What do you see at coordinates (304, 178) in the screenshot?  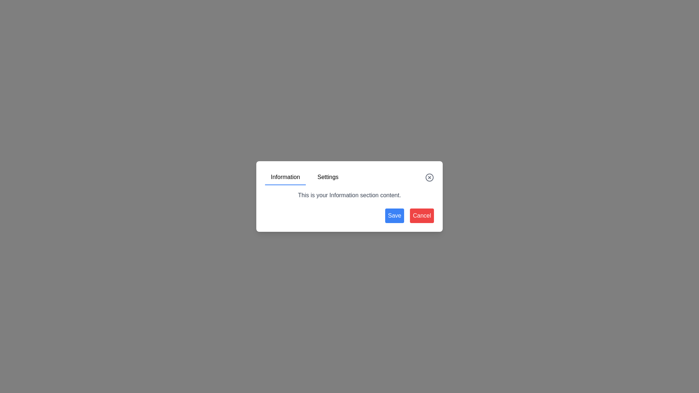 I see `the 'Information' tab in the tabbed navigation bar located at the top-center of the dialog box` at bounding box center [304, 178].